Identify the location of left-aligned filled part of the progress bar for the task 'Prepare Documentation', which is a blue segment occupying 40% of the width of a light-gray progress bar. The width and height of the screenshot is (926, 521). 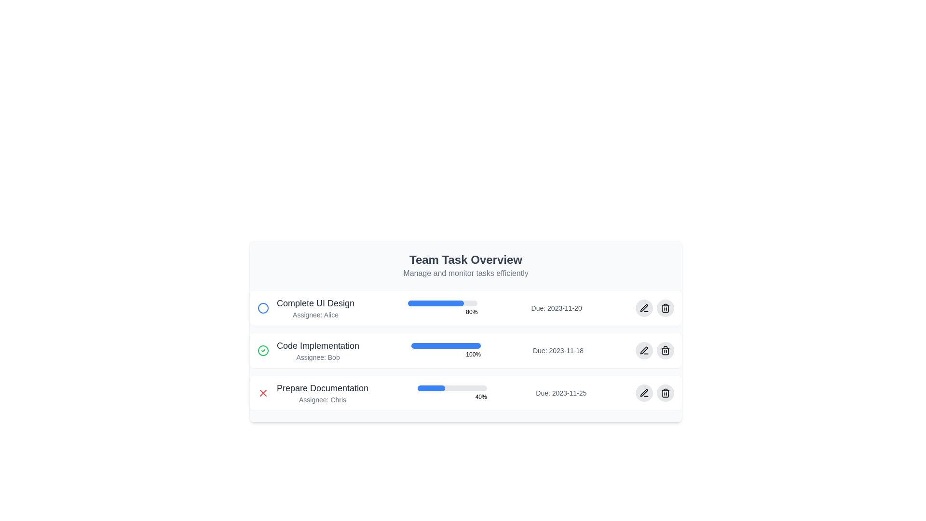
(431, 388).